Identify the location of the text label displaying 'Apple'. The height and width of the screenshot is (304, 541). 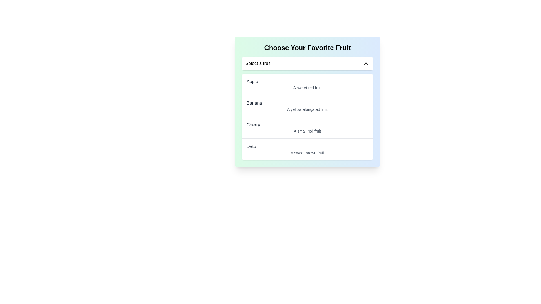
(252, 81).